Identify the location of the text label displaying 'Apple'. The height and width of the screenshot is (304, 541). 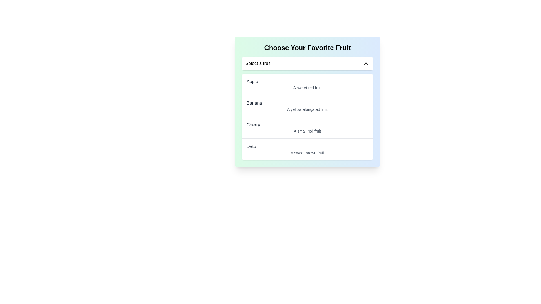
(252, 81).